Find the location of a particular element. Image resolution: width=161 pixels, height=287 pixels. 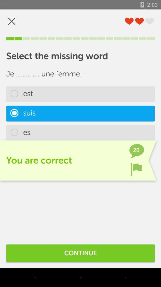

the close icon is located at coordinates (12, 21).